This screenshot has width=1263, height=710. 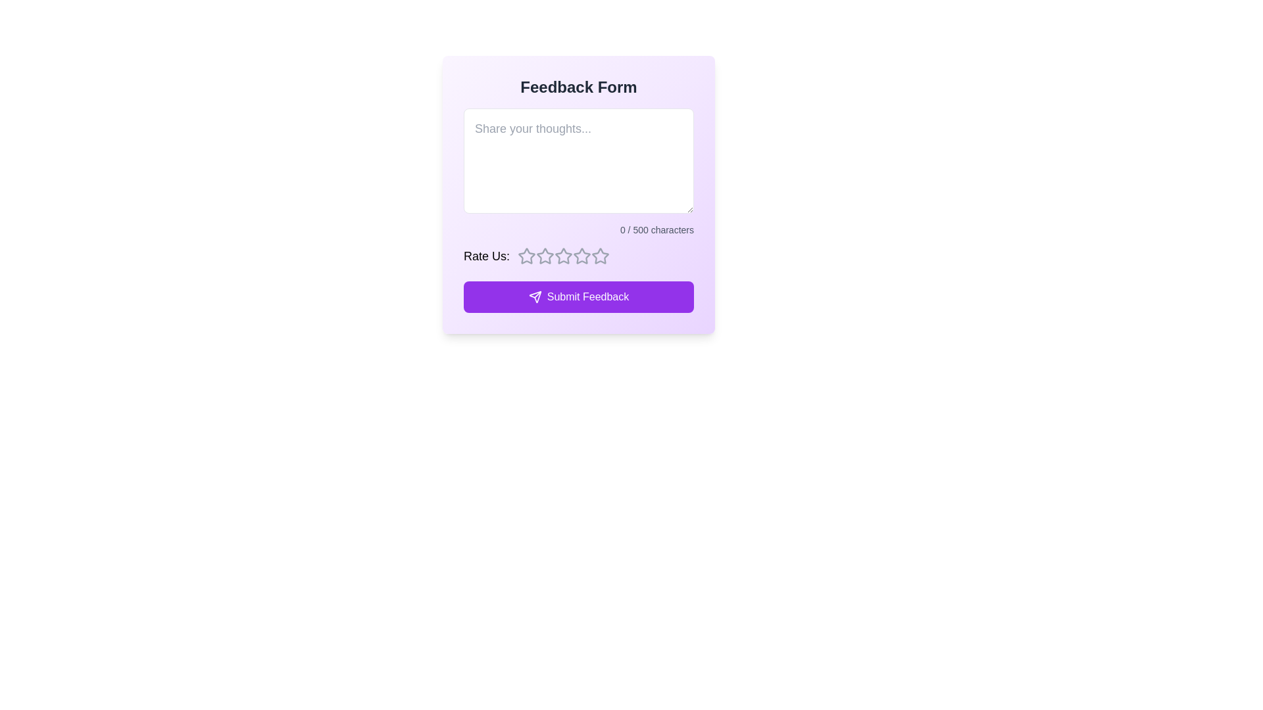 What do you see at coordinates (578, 296) in the screenshot?
I see `the 'Submit Feedback' button, which is a rectangular button with rounded corners and a purple background that changes to a darker purple on hover` at bounding box center [578, 296].